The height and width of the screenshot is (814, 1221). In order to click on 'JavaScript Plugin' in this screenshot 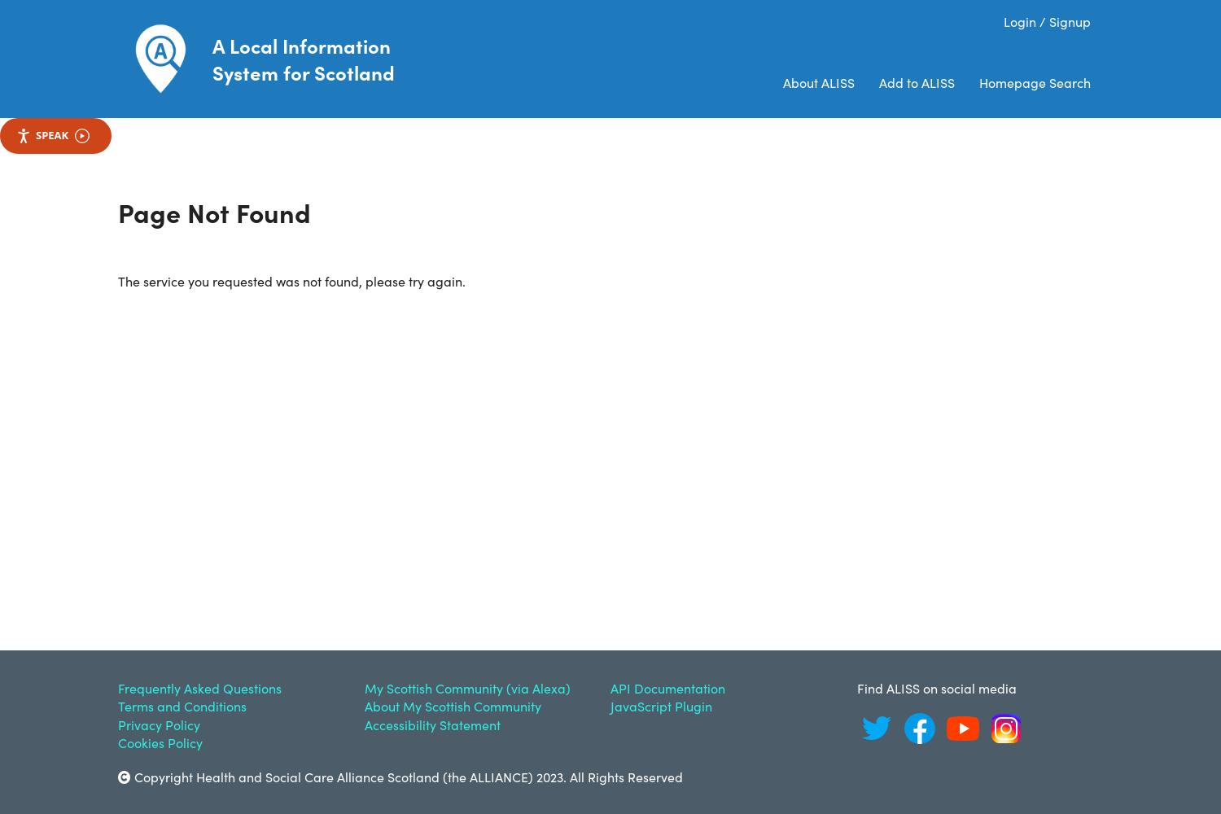, I will do `click(610, 705)`.